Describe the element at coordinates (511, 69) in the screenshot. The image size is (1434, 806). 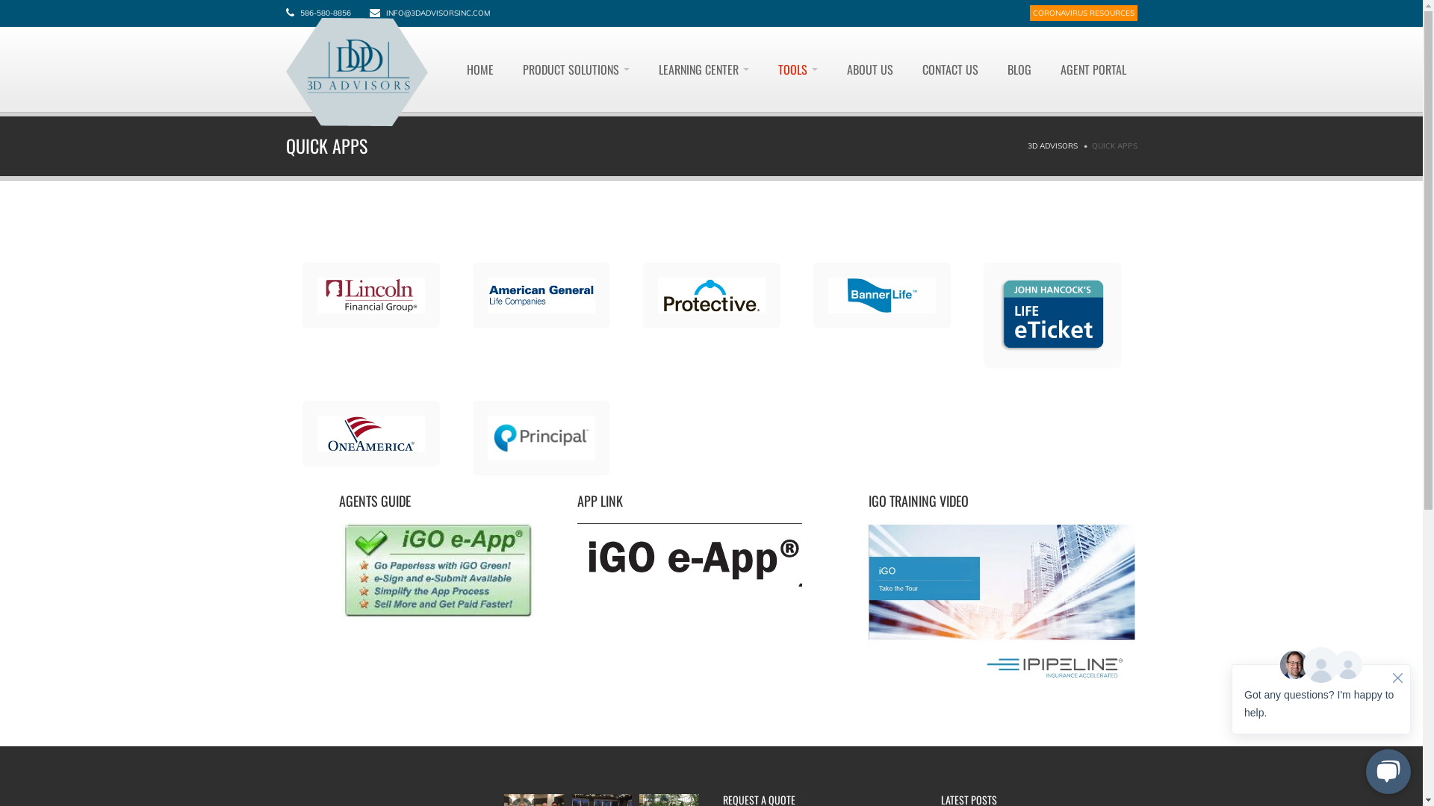
I see `'PRODUCT SOLUTIONS'` at that location.